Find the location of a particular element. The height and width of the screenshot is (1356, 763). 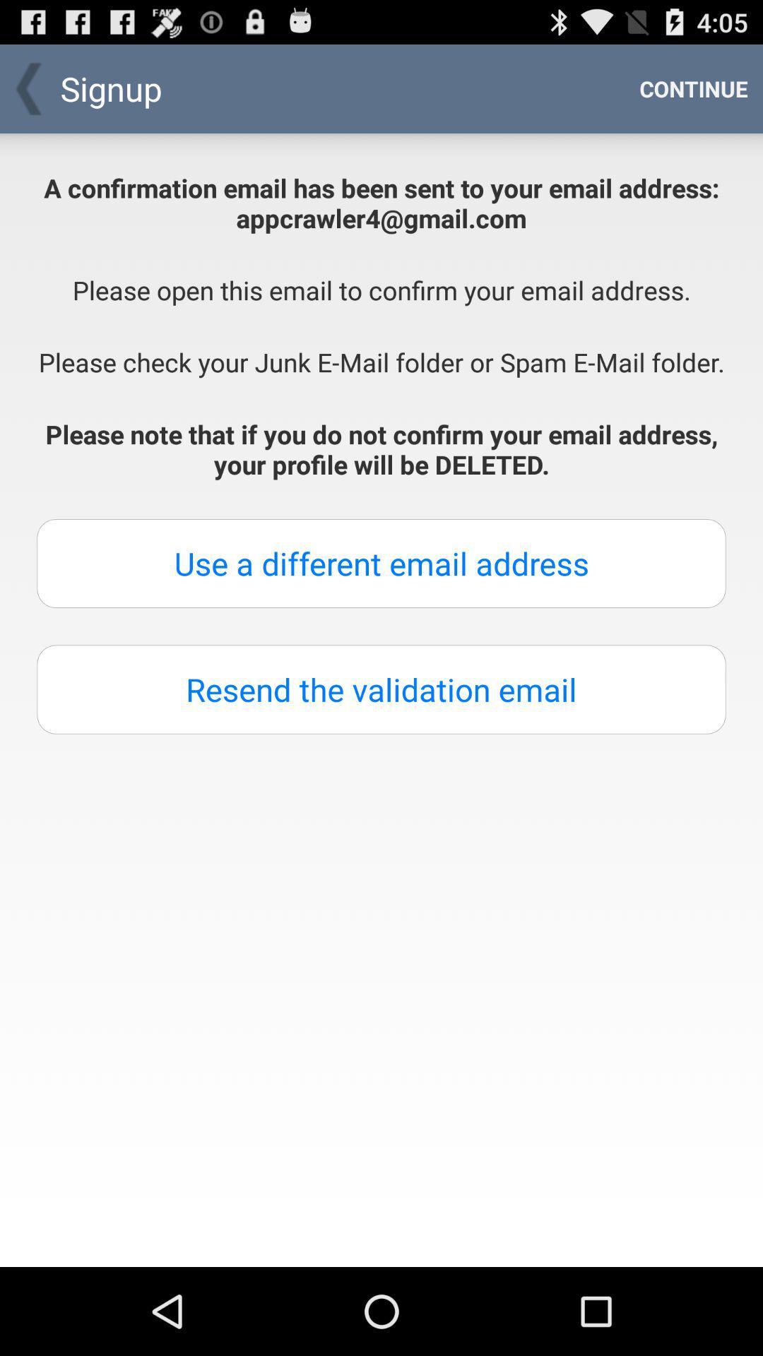

button below the use a different button is located at coordinates (381, 689).